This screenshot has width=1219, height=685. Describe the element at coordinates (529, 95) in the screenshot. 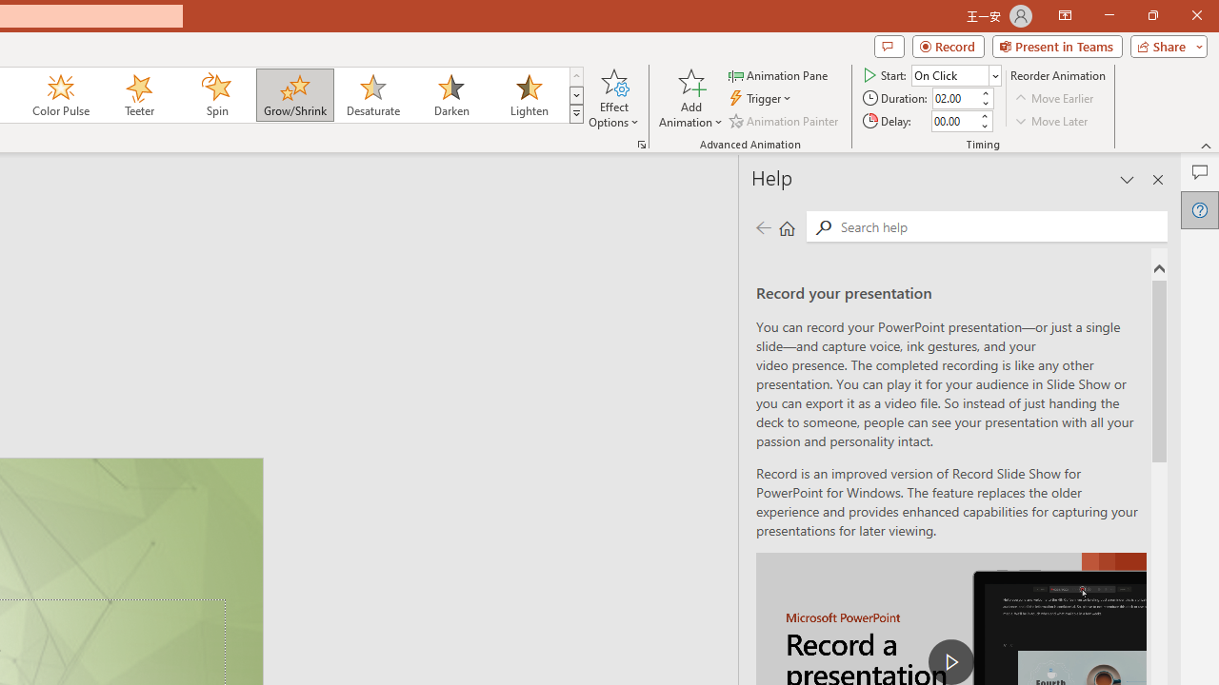

I see `'Lighten'` at that location.